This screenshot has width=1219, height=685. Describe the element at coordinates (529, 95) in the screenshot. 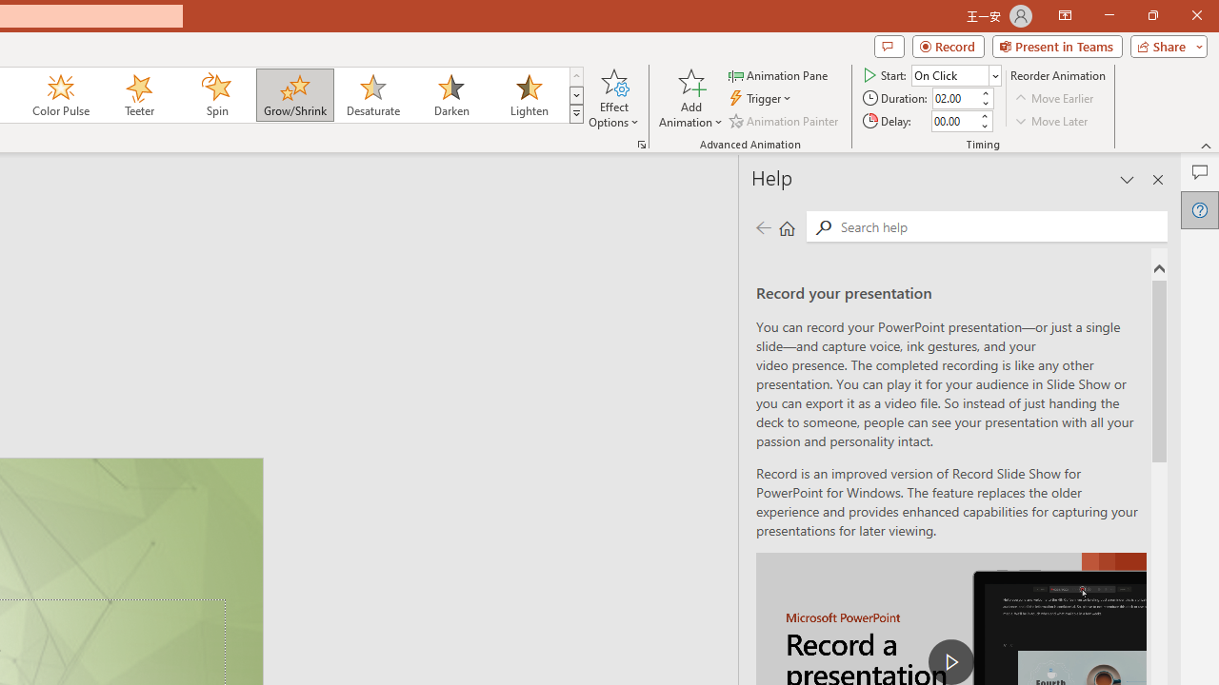

I see `'Lighten'` at that location.